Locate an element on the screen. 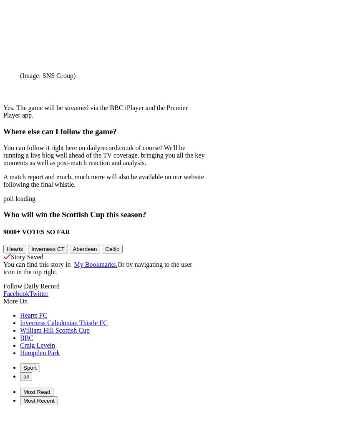  'Or by navigating to the user icon in the top right.' is located at coordinates (3, 267).